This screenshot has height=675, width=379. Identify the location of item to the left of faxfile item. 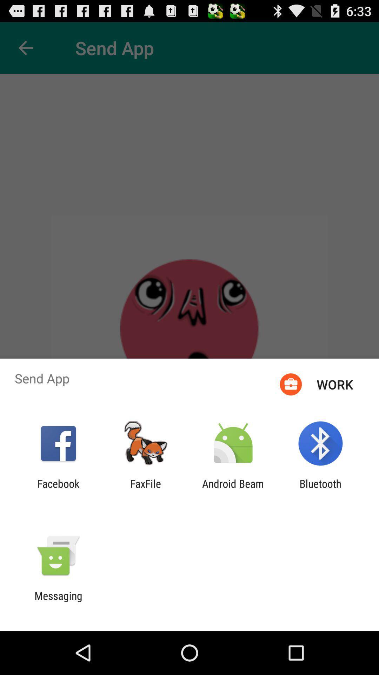
(58, 489).